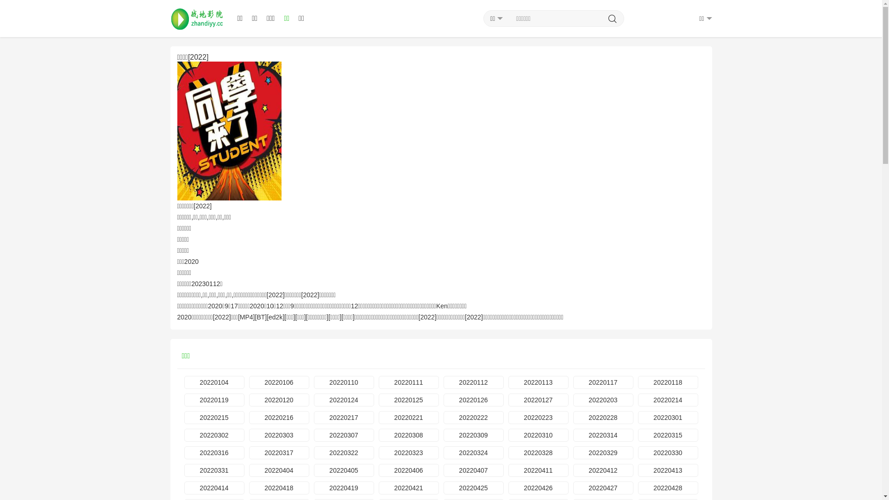  What do you see at coordinates (668, 400) in the screenshot?
I see `'20220214'` at bounding box center [668, 400].